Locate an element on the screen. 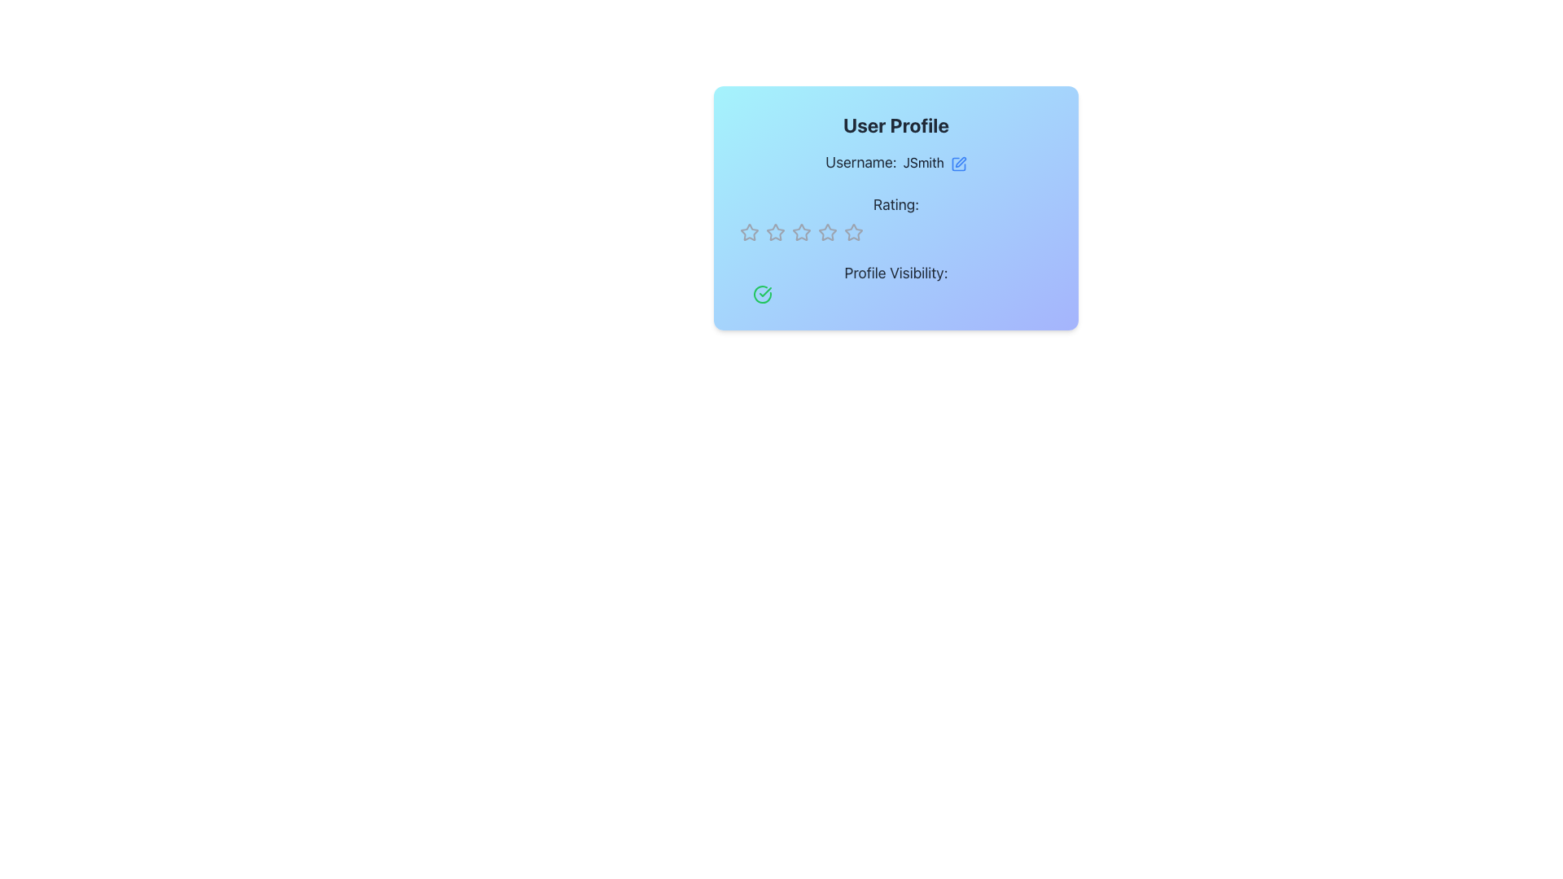 The width and height of the screenshot is (1563, 879). the third five-pointed star icon with a gray outline in the row of rating stars beneath the 'Rating:' label for visual feedback is located at coordinates (828, 232).